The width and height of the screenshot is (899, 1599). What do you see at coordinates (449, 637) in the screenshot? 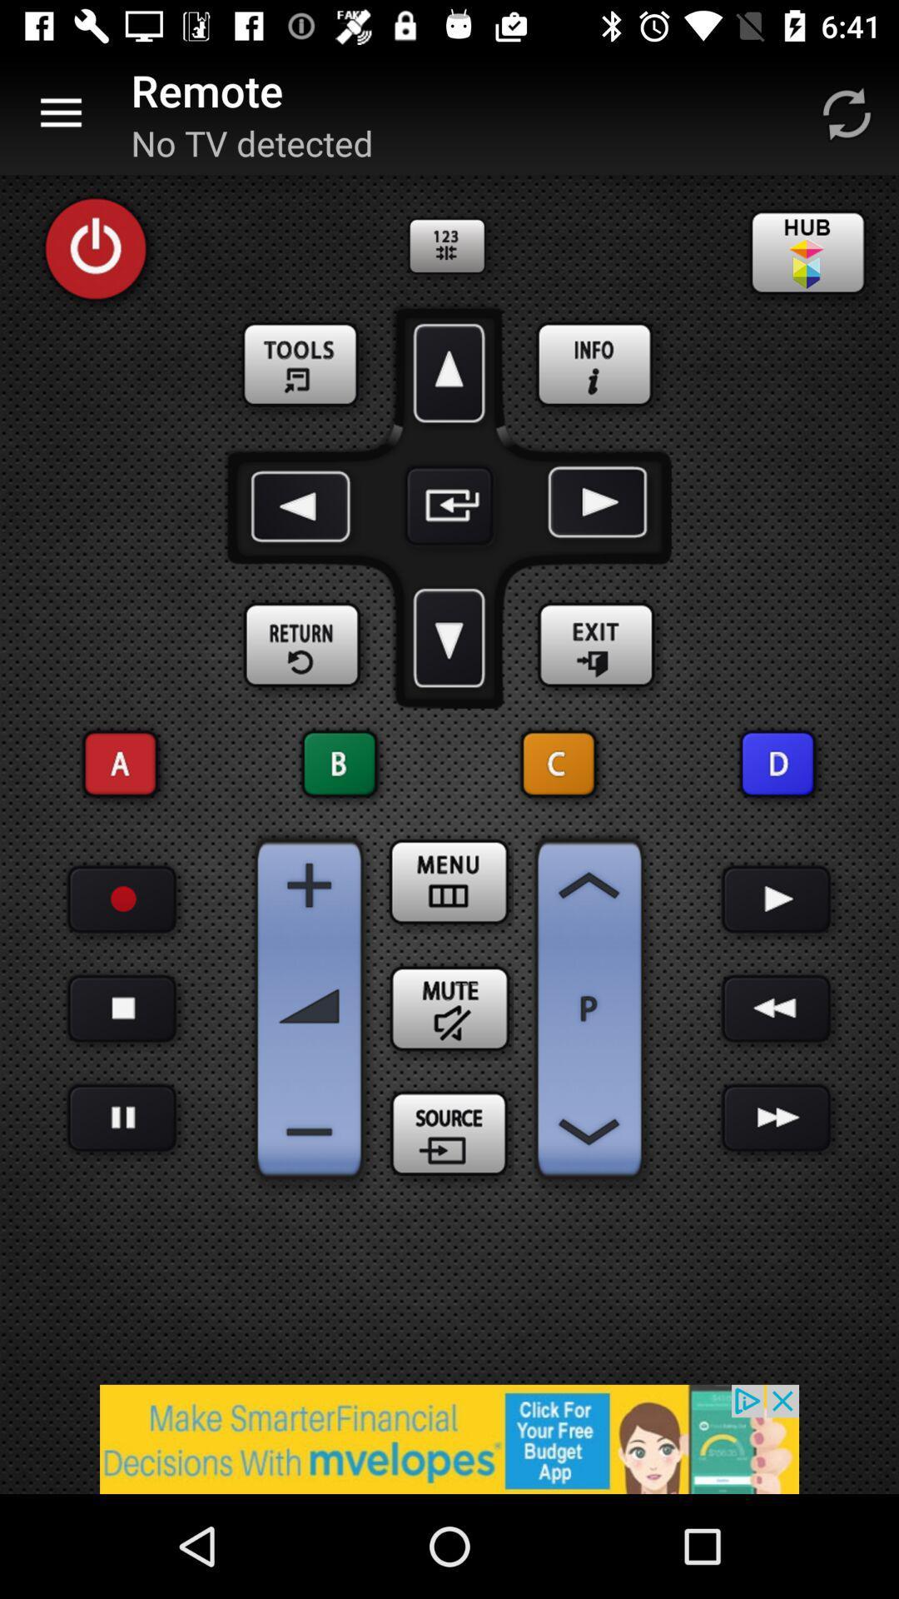
I see `scroll down` at bounding box center [449, 637].